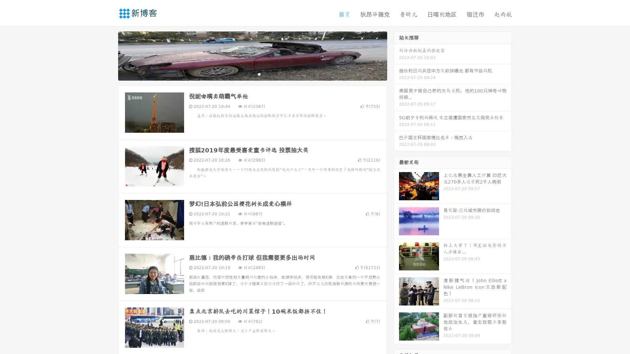  I want to click on Go to slide 1, so click(245, 74).